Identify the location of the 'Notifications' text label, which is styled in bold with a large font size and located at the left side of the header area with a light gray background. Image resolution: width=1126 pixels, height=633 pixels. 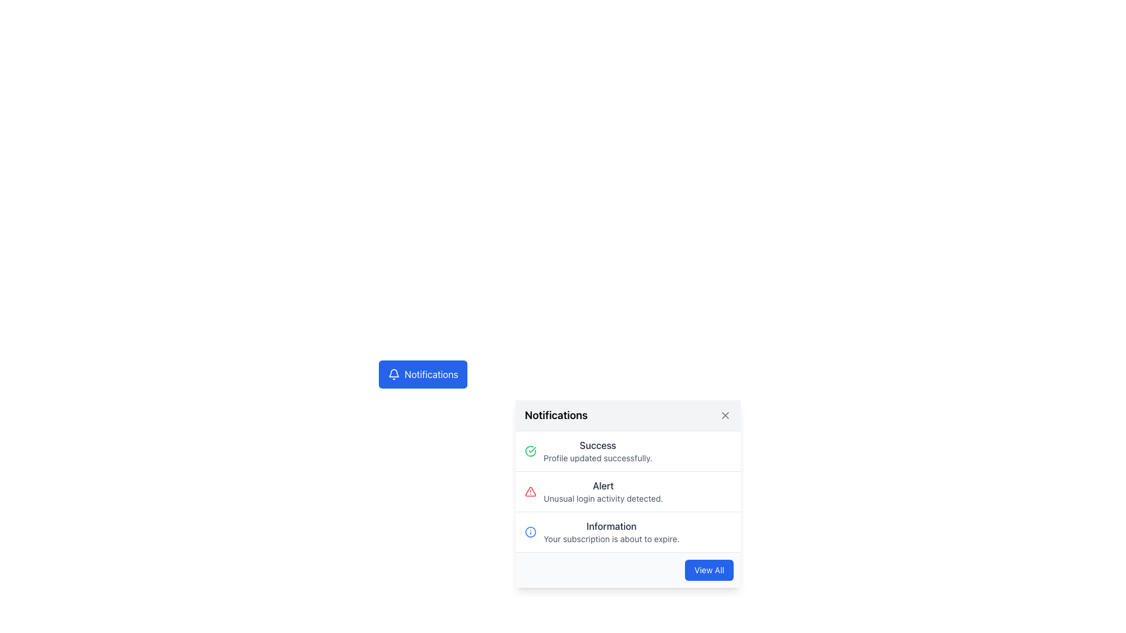
(555, 415).